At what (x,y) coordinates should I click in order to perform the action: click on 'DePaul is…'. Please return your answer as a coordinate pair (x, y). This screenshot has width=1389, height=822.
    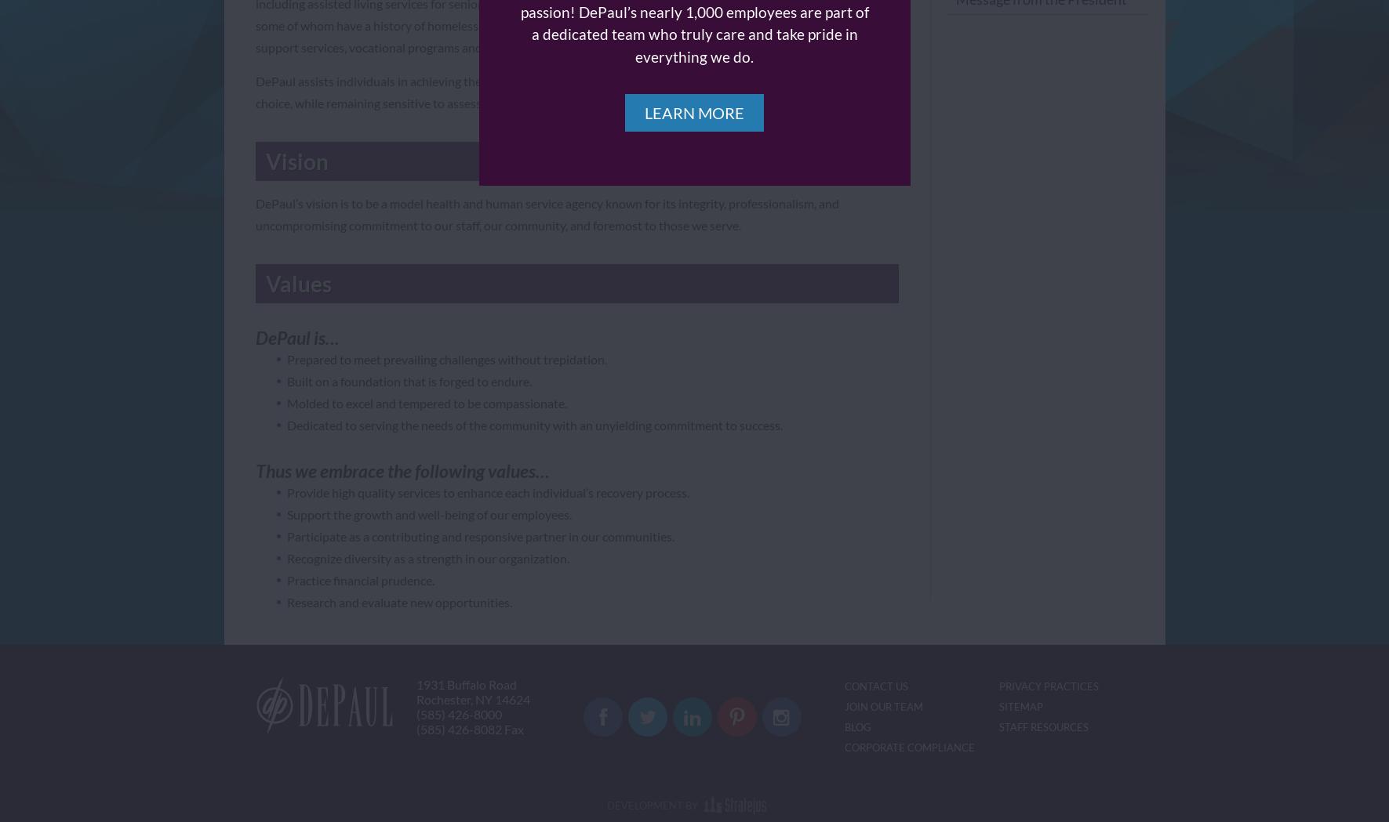
    Looking at the image, I should click on (295, 337).